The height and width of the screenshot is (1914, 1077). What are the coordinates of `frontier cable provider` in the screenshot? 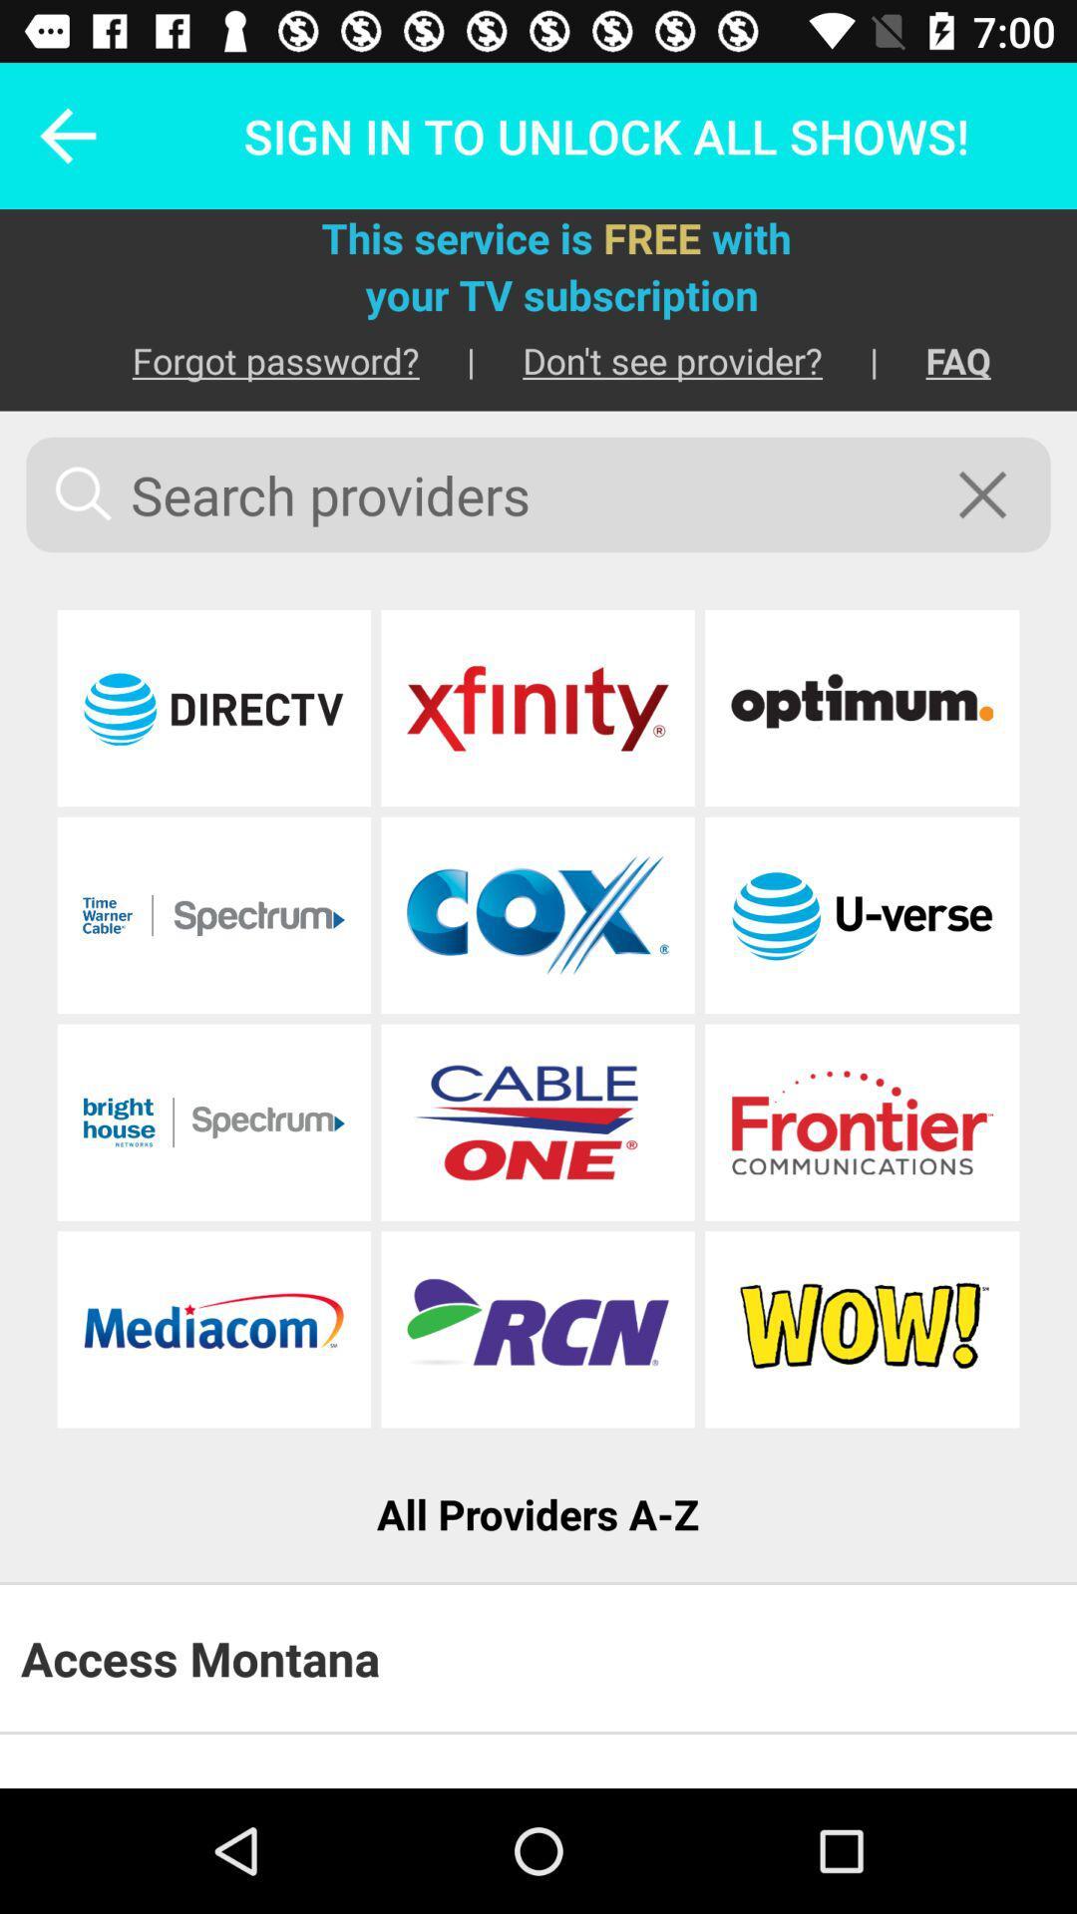 It's located at (861, 1122).